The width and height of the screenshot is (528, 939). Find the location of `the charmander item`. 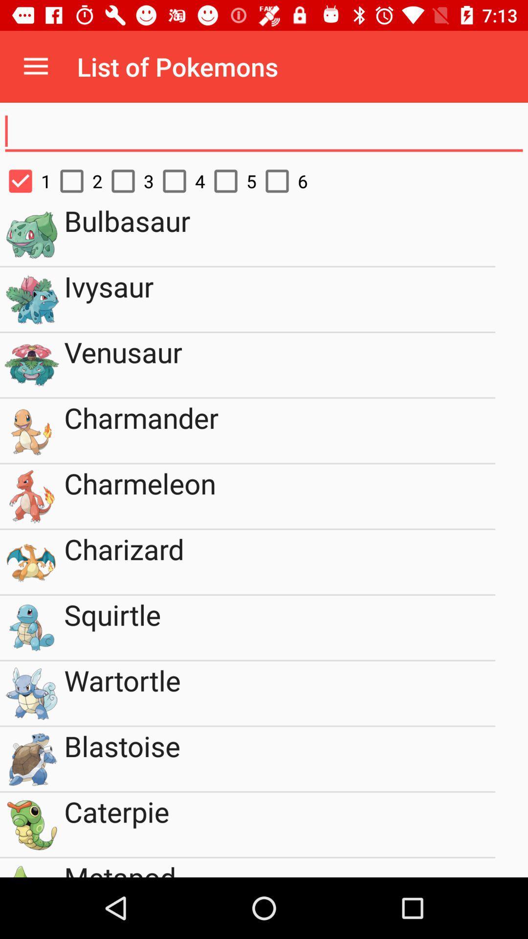

the charmander item is located at coordinates (280, 430).